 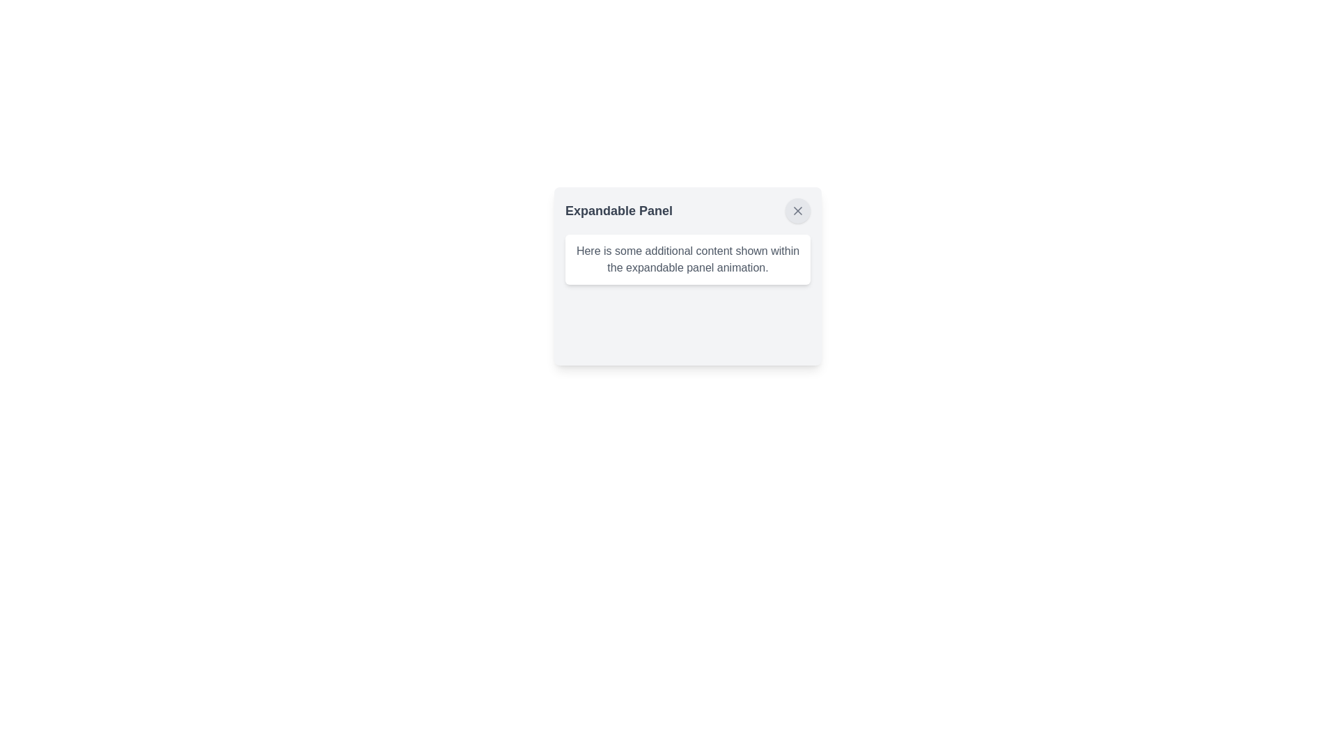 What do you see at coordinates (618, 211) in the screenshot?
I see `the 'Expandable Panel' text label, which is a bold dark gray label positioned at the top-left corner of a panel, preceding an interactive button` at bounding box center [618, 211].